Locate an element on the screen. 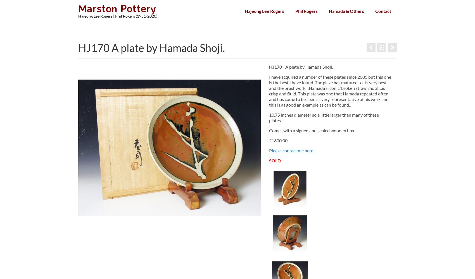 This screenshot has width=475, height=279. 'SOLD' is located at coordinates (274, 160).